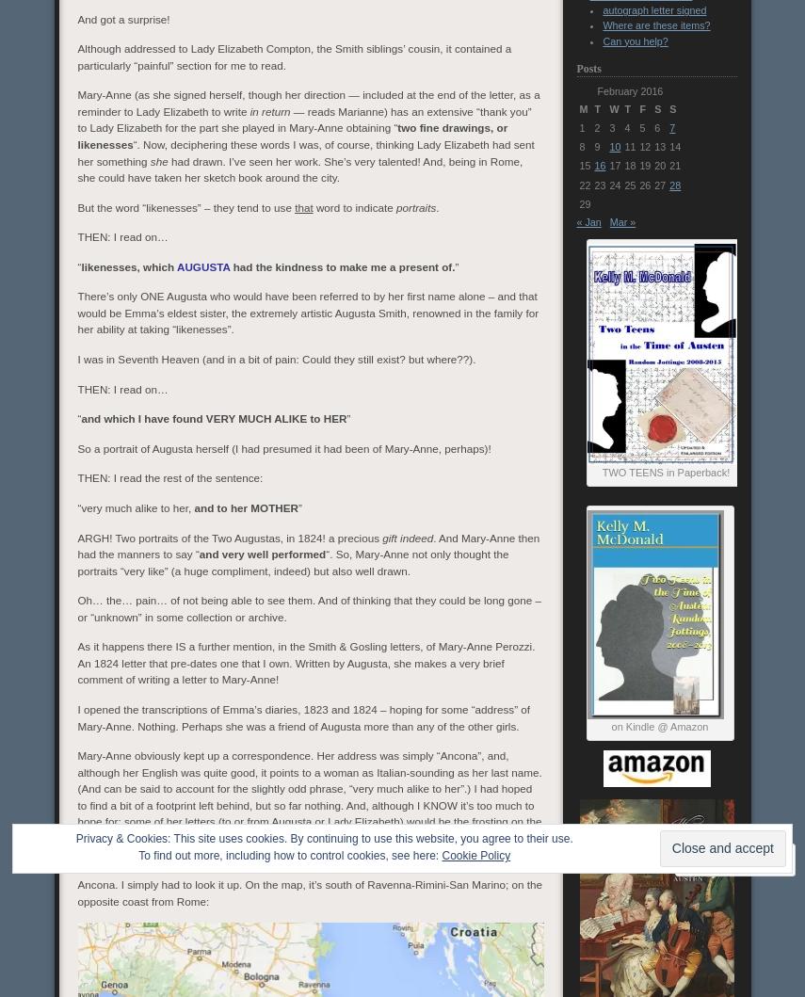 This screenshot has width=805, height=997. What do you see at coordinates (674, 165) in the screenshot?
I see `'21'` at bounding box center [674, 165].